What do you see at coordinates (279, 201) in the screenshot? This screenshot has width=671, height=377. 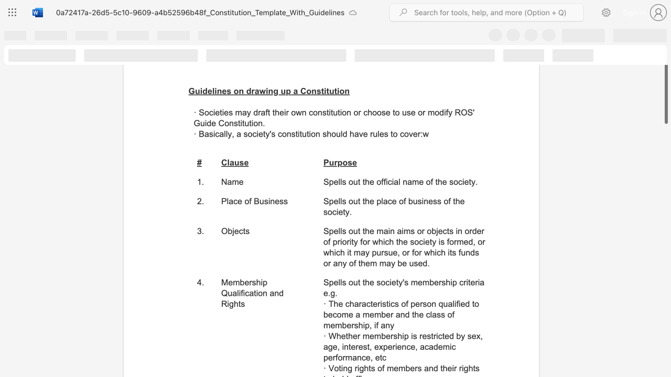 I see `the subset text "ss" within the text "Place of Business"` at bounding box center [279, 201].